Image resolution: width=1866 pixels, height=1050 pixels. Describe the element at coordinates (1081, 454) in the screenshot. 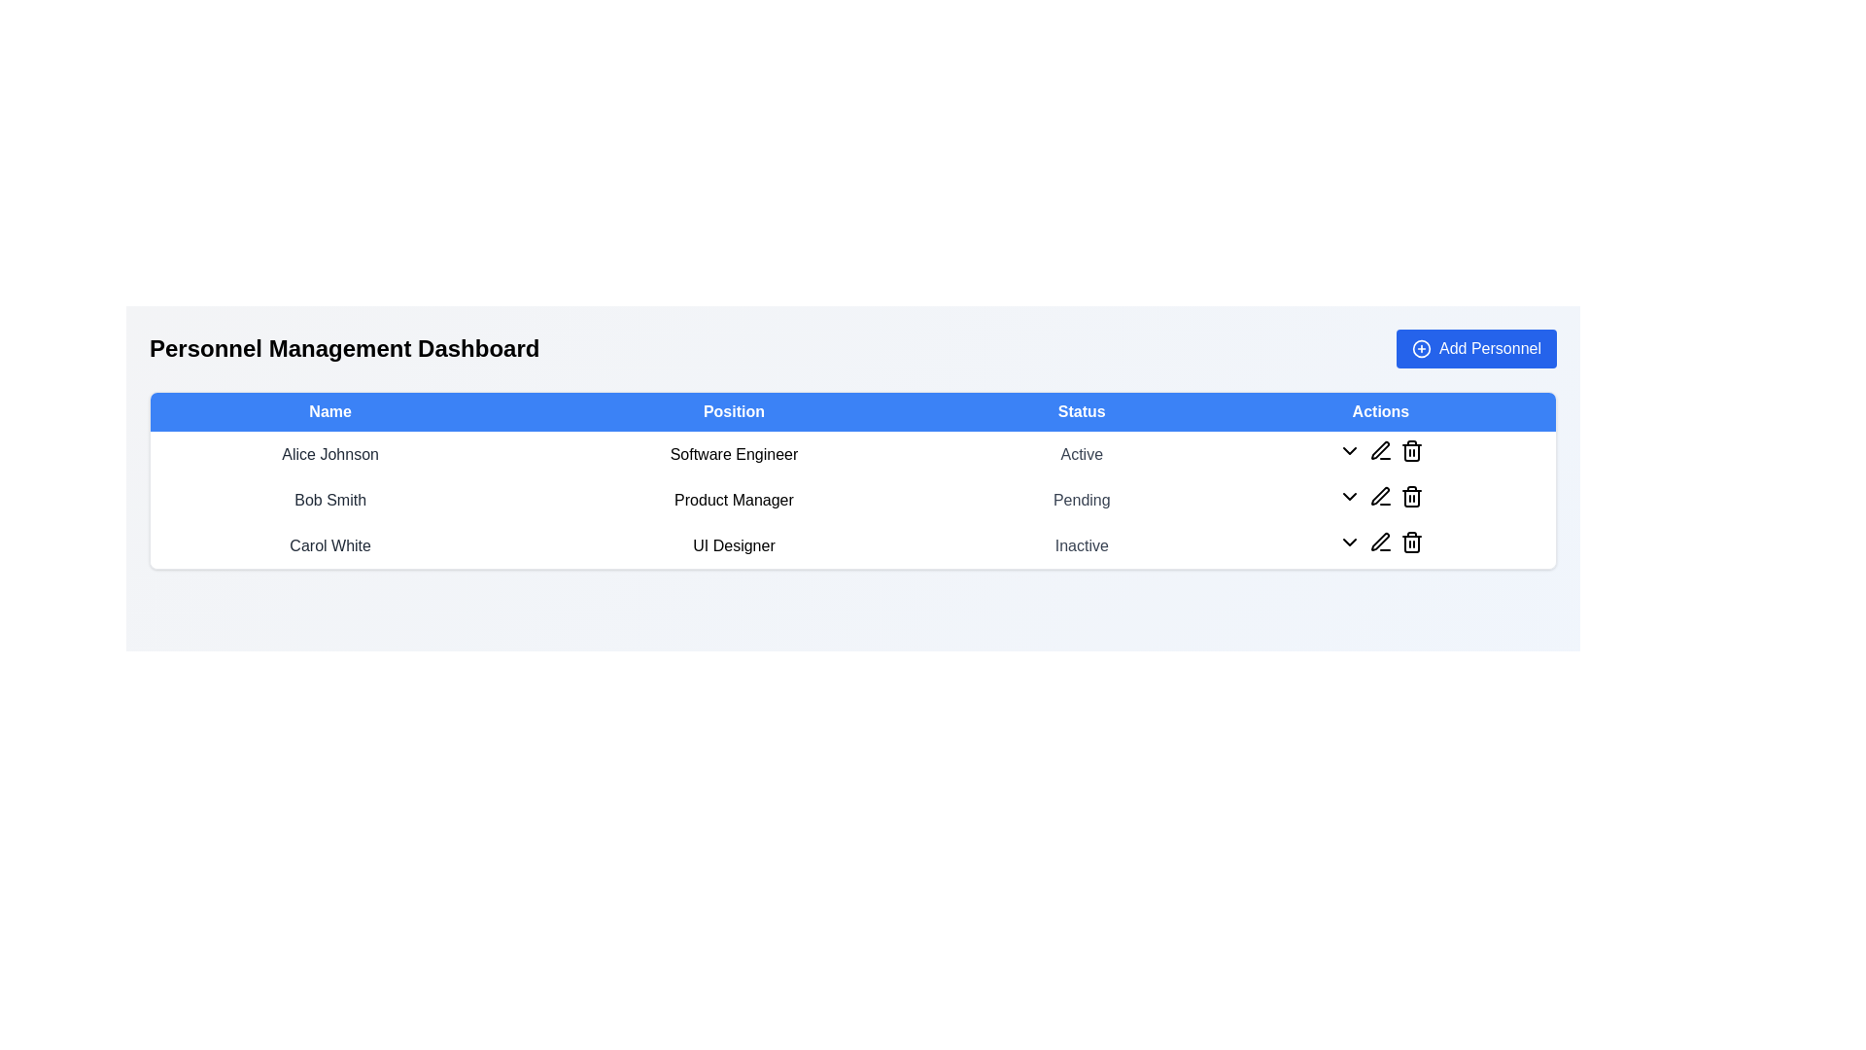

I see `the 'Active' text element, which is styled with light gray coloring and located in the 'Status' column of the row for 'Alice Johnson'` at that location.